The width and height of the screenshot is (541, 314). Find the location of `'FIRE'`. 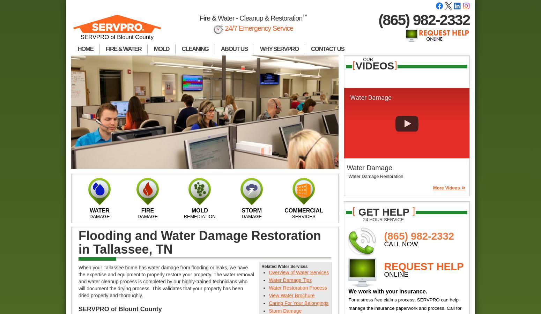

'FIRE' is located at coordinates (147, 210).